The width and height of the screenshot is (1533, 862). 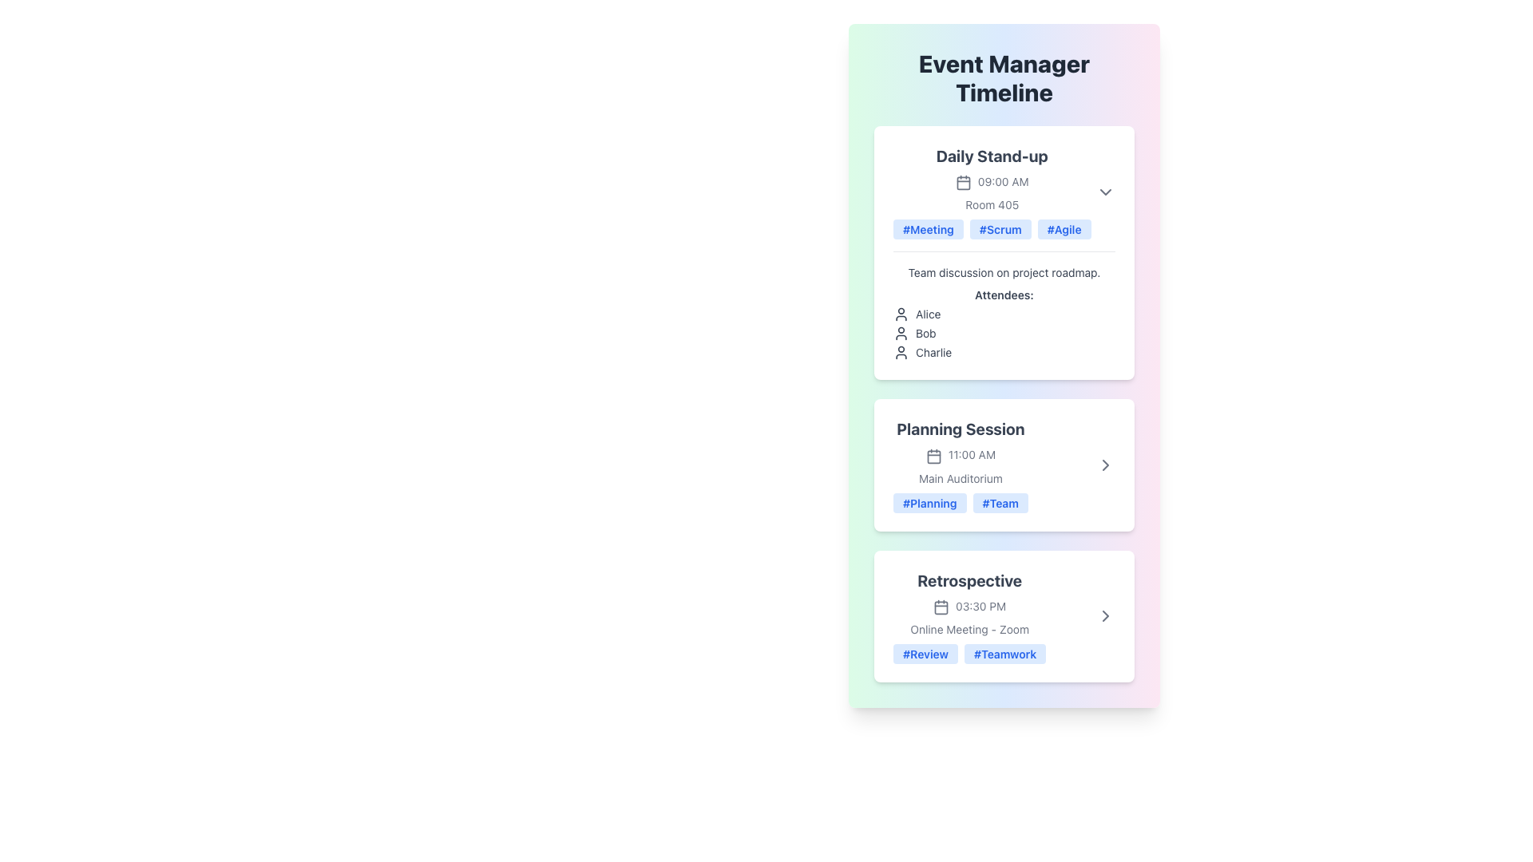 I want to click on the label '#Agile', which is the third element in the group of tags located below the 'Daily Stand-up' section header, so click(x=1064, y=229).